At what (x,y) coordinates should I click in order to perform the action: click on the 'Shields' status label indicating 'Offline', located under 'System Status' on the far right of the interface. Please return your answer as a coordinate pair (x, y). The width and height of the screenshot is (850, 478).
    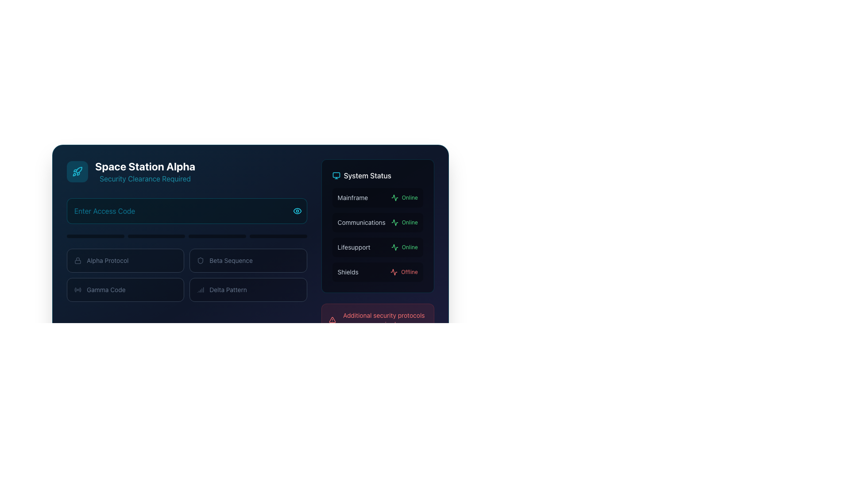
    Looking at the image, I should click on (404, 271).